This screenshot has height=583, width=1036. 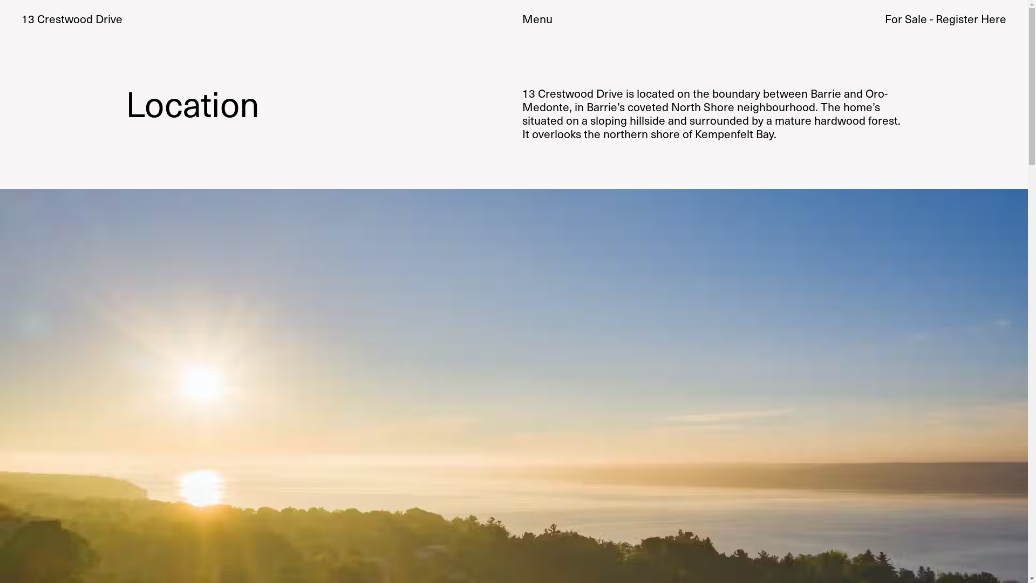 What do you see at coordinates (945, 18) in the screenshot?
I see `'For Sale - Register Here'` at bounding box center [945, 18].